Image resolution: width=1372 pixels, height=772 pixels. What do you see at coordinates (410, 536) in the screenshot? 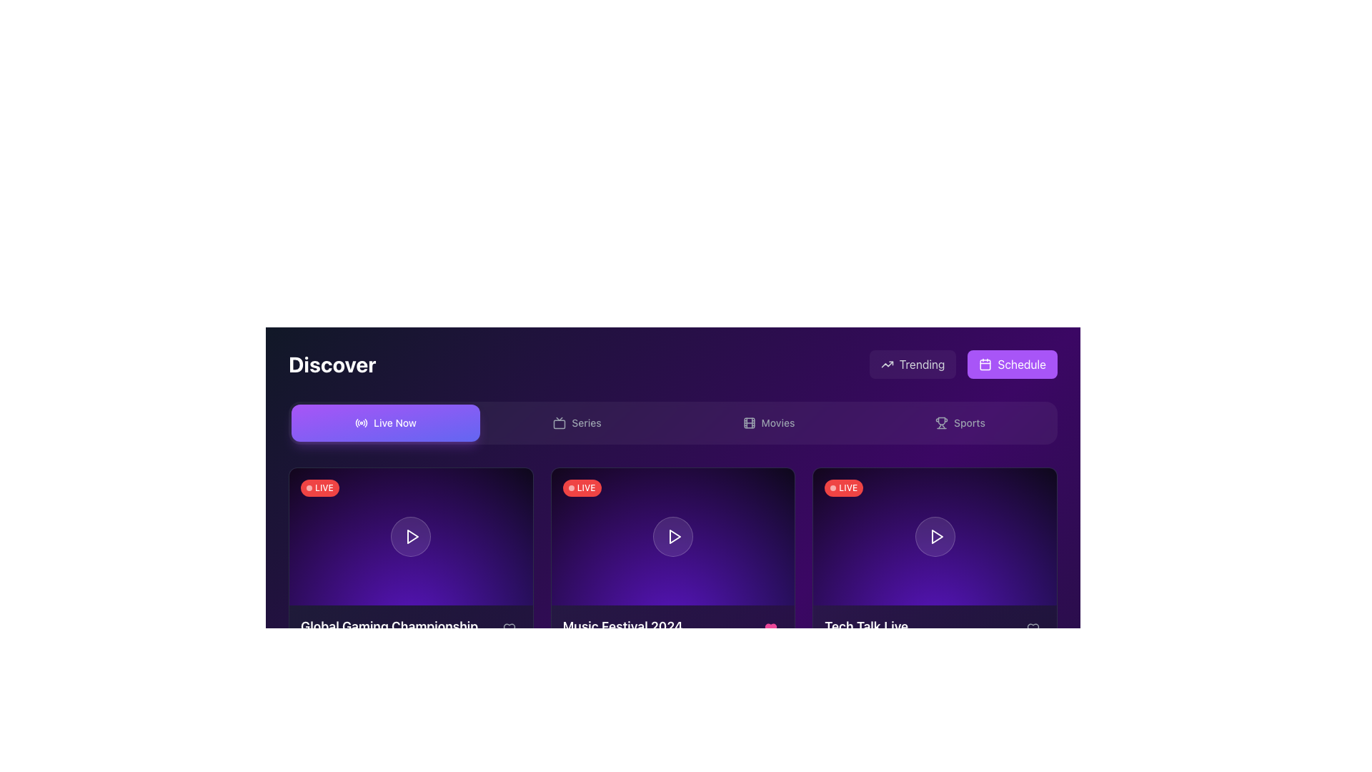
I see `the play button located within the 'LIVE' card component to initiate video playback` at bounding box center [410, 536].